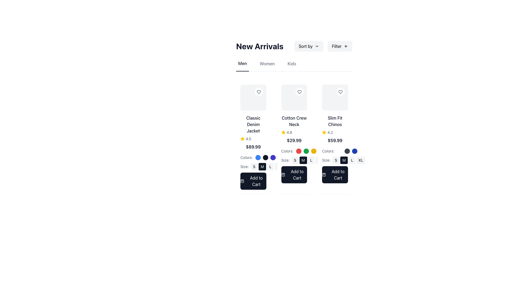 This screenshot has height=289, width=514. What do you see at coordinates (265, 157) in the screenshot?
I see `the middle black circle with a white border, which is the second color option in the horizontal row of color indicators under the 'Colors:' label of the 'Classic Denim Jacket' product card` at bounding box center [265, 157].